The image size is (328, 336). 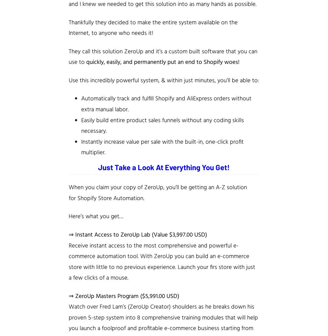 What do you see at coordinates (145, 62) in the screenshot?
I see `'quickly, easily, and permanently put an end to'` at bounding box center [145, 62].